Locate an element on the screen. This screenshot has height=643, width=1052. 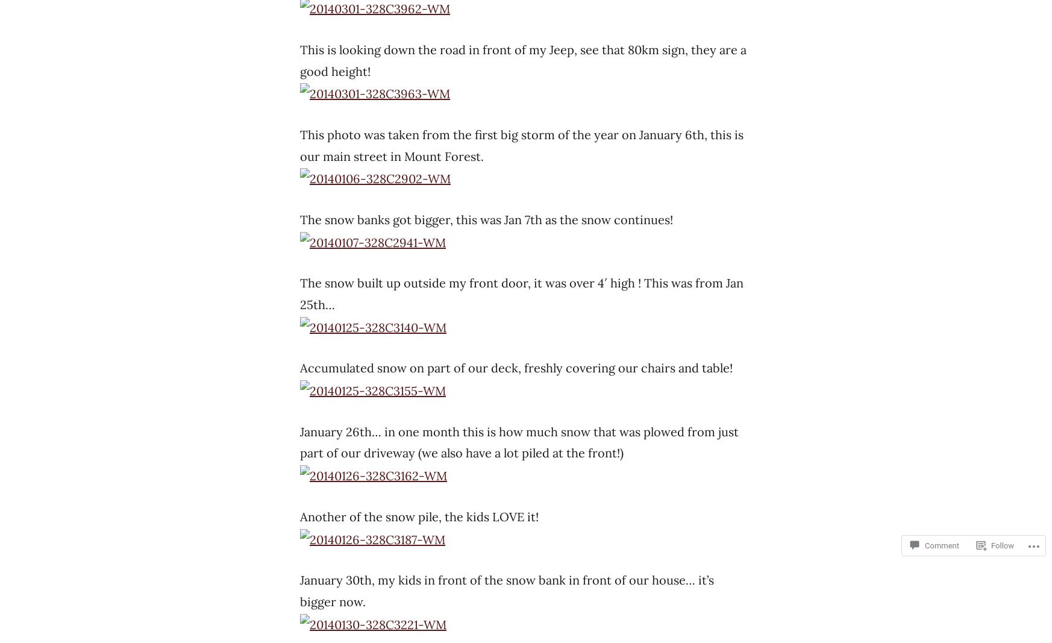
'The snow banks got bigger, this was Jan 7th as the snow continues!' is located at coordinates (486, 218).